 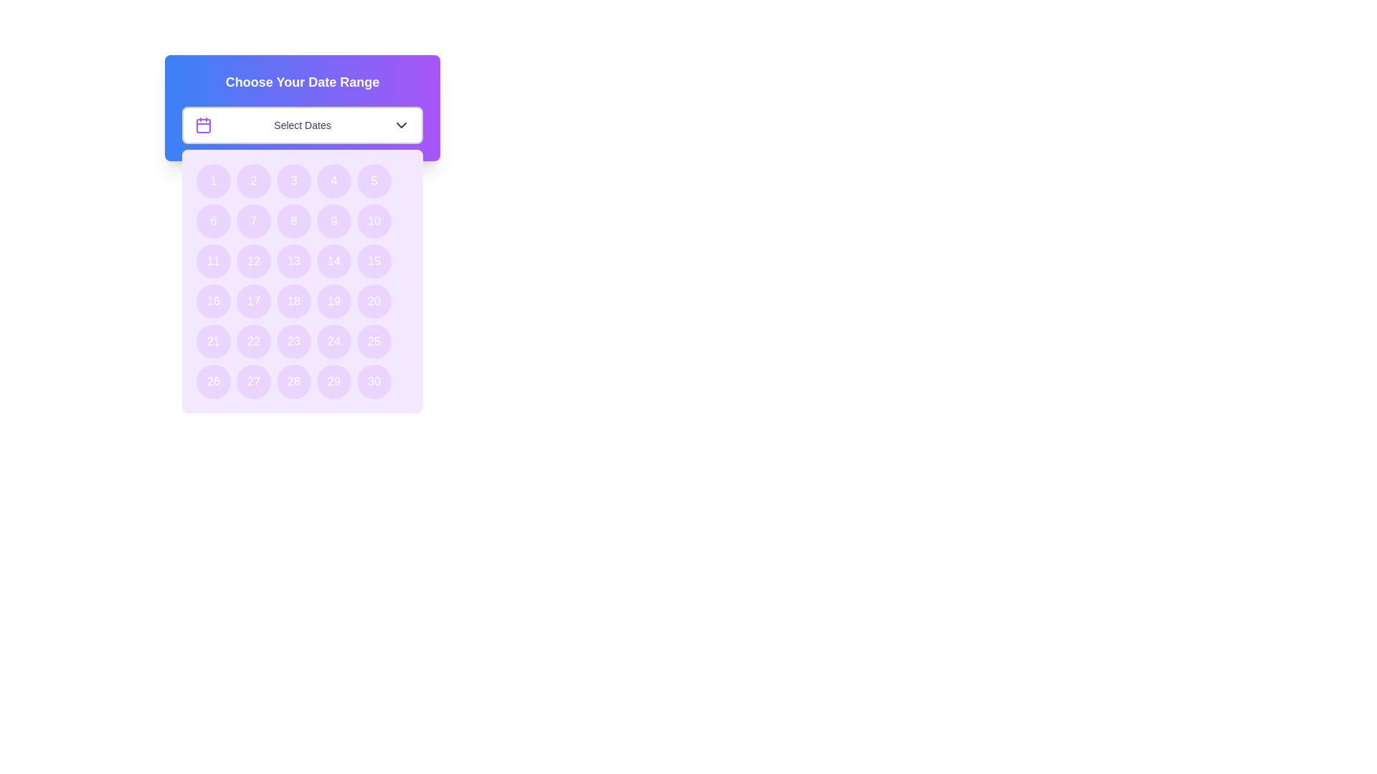 I want to click on the circular purple button with the number '12', so click(x=254, y=262).